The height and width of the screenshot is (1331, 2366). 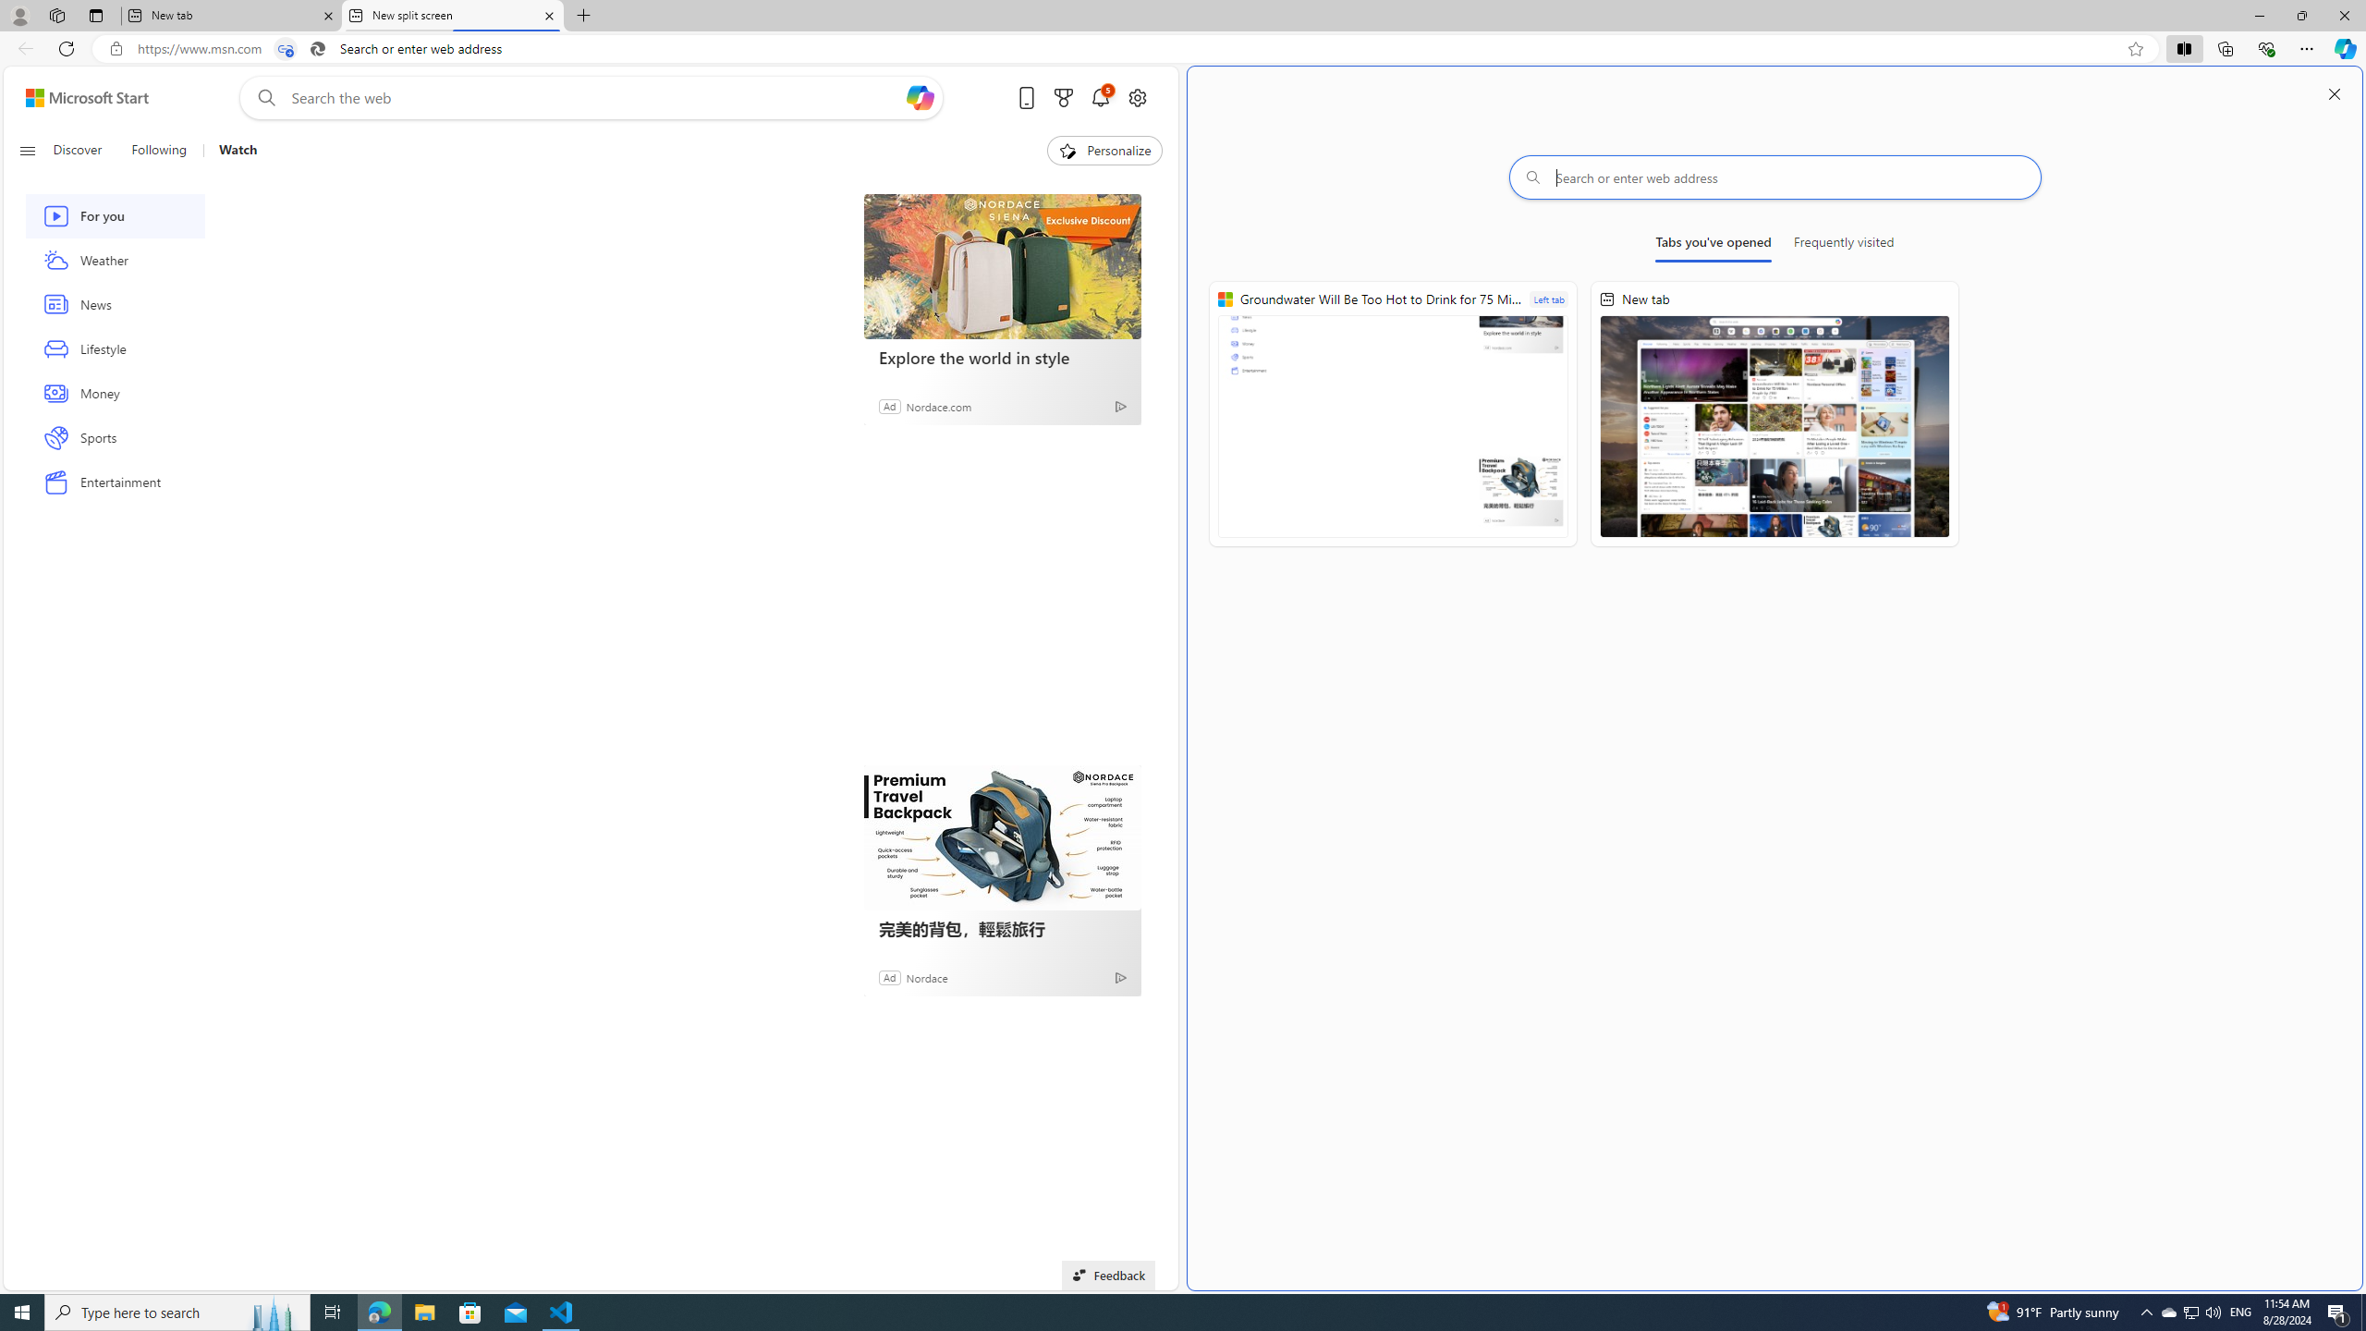 What do you see at coordinates (1714, 245) in the screenshot?
I see `'Tabs you'` at bounding box center [1714, 245].